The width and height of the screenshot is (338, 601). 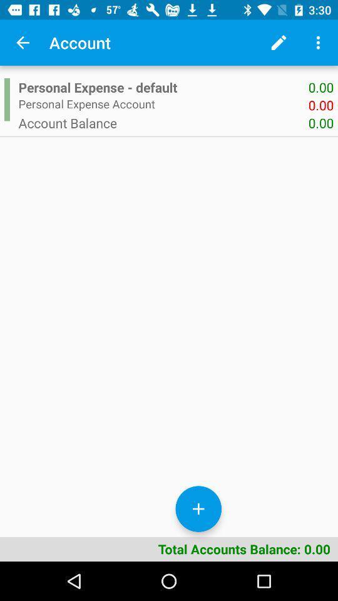 I want to click on account balance, so click(x=163, y=123).